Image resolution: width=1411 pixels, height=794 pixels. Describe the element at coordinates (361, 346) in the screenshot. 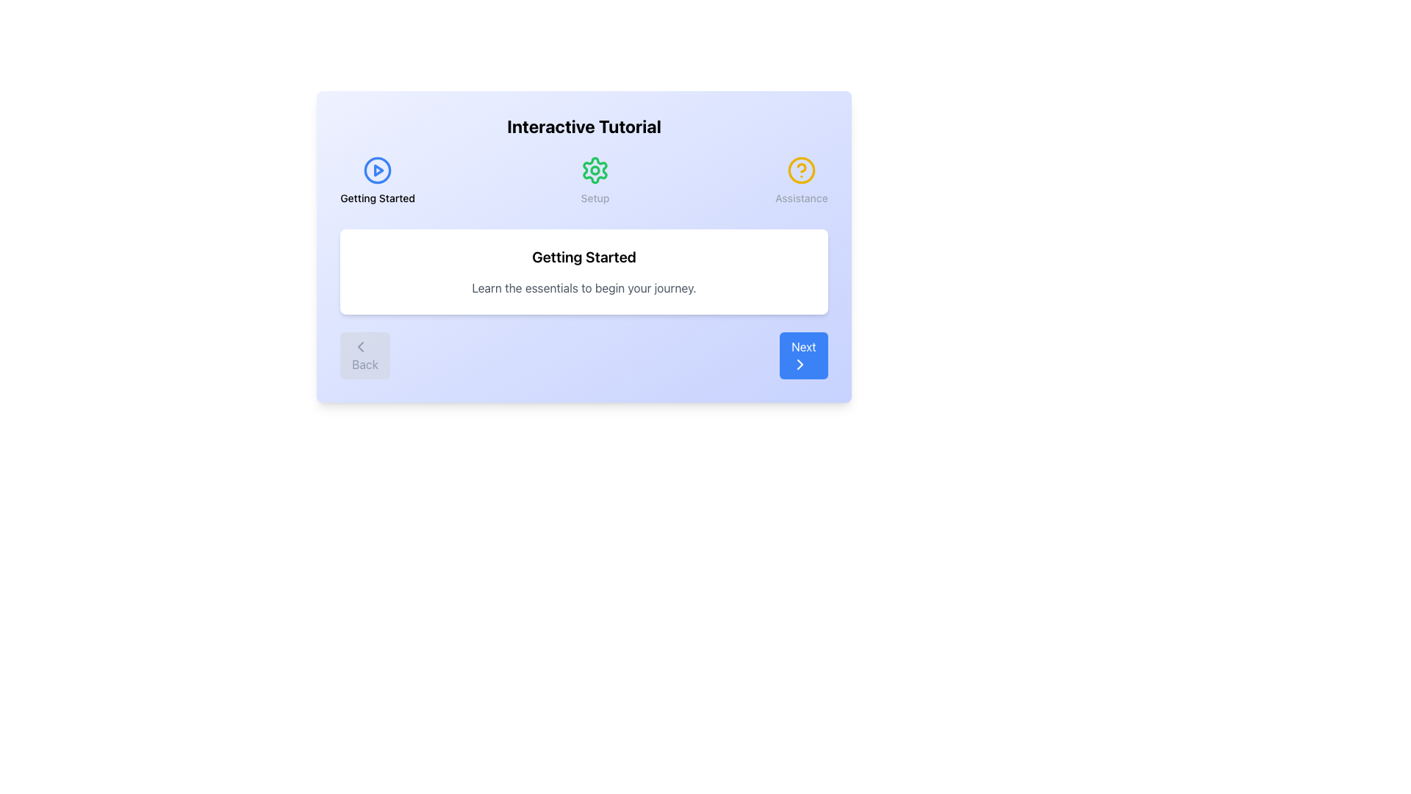

I see `the left-facing chevron arrow icon on the 'Back' button, which is positioned at the bottom-left corner of the interactive tutorial interface` at that location.